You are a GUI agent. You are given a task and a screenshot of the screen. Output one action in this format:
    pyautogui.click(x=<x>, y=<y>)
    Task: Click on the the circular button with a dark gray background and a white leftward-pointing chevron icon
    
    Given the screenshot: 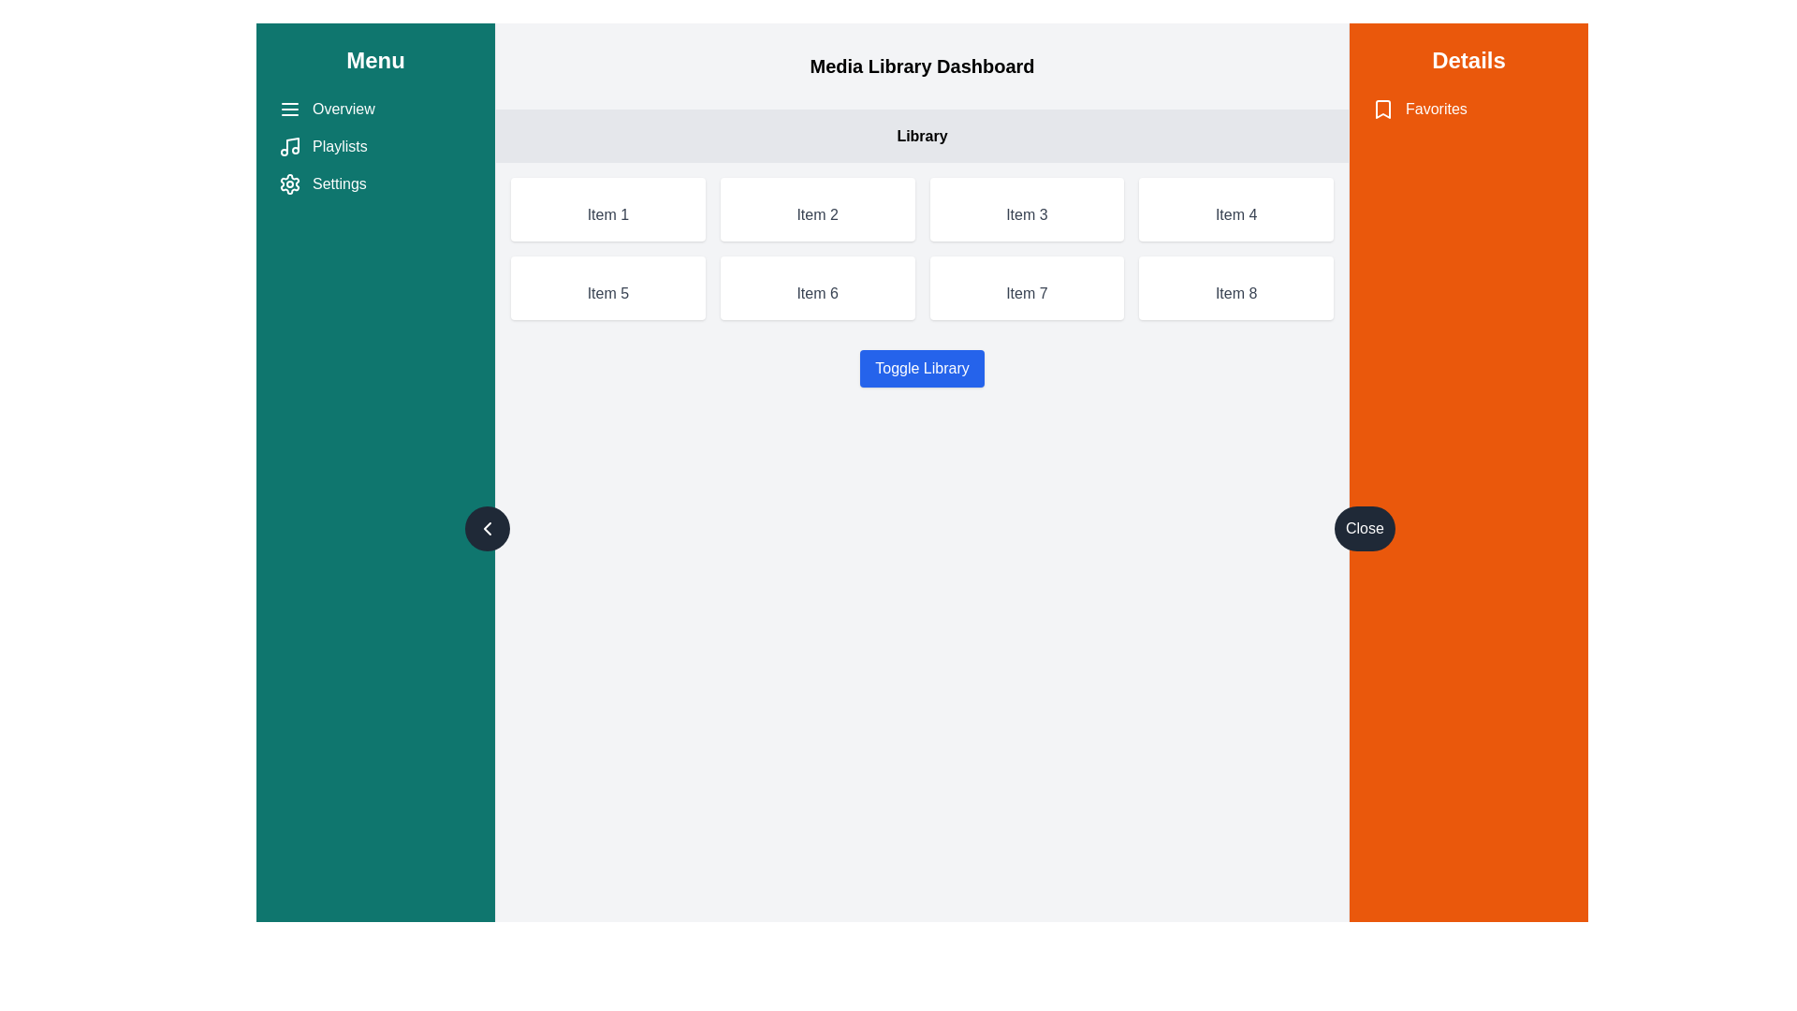 What is the action you would take?
    pyautogui.click(x=488, y=528)
    